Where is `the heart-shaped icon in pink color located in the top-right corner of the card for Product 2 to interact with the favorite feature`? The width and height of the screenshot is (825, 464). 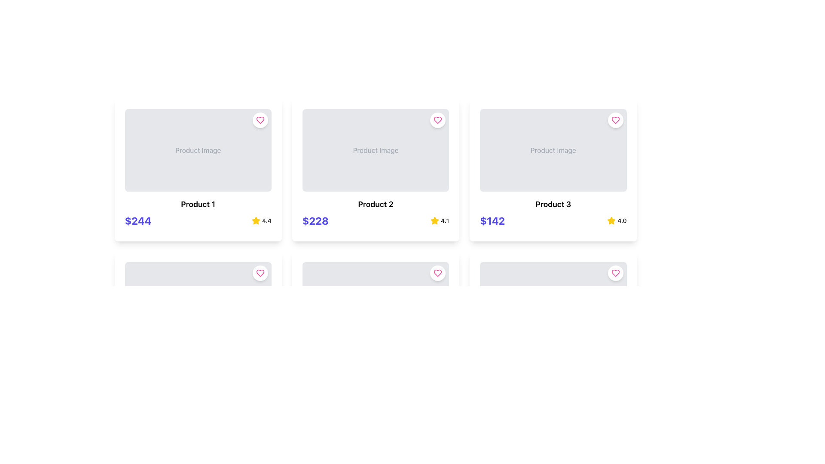
the heart-shaped icon in pink color located in the top-right corner of the card for Product 2 to interact with the favorite feature is located at coordinates (438, 120).